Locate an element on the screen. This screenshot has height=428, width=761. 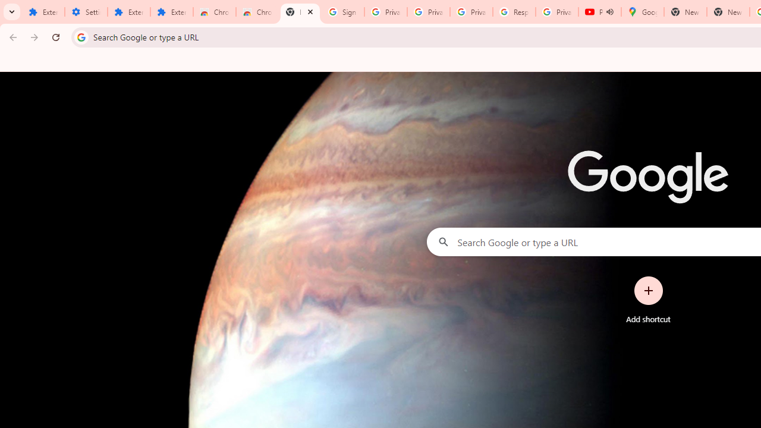
'Chrome Web Store - Themes' is located at coordinates (256, 12).